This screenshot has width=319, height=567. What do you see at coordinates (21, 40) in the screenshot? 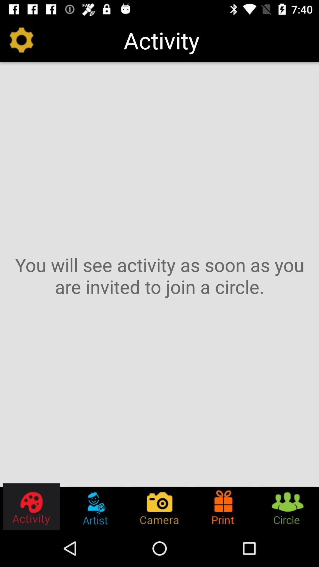
I see `the item next to activity item` at bounding box center [21, 40].